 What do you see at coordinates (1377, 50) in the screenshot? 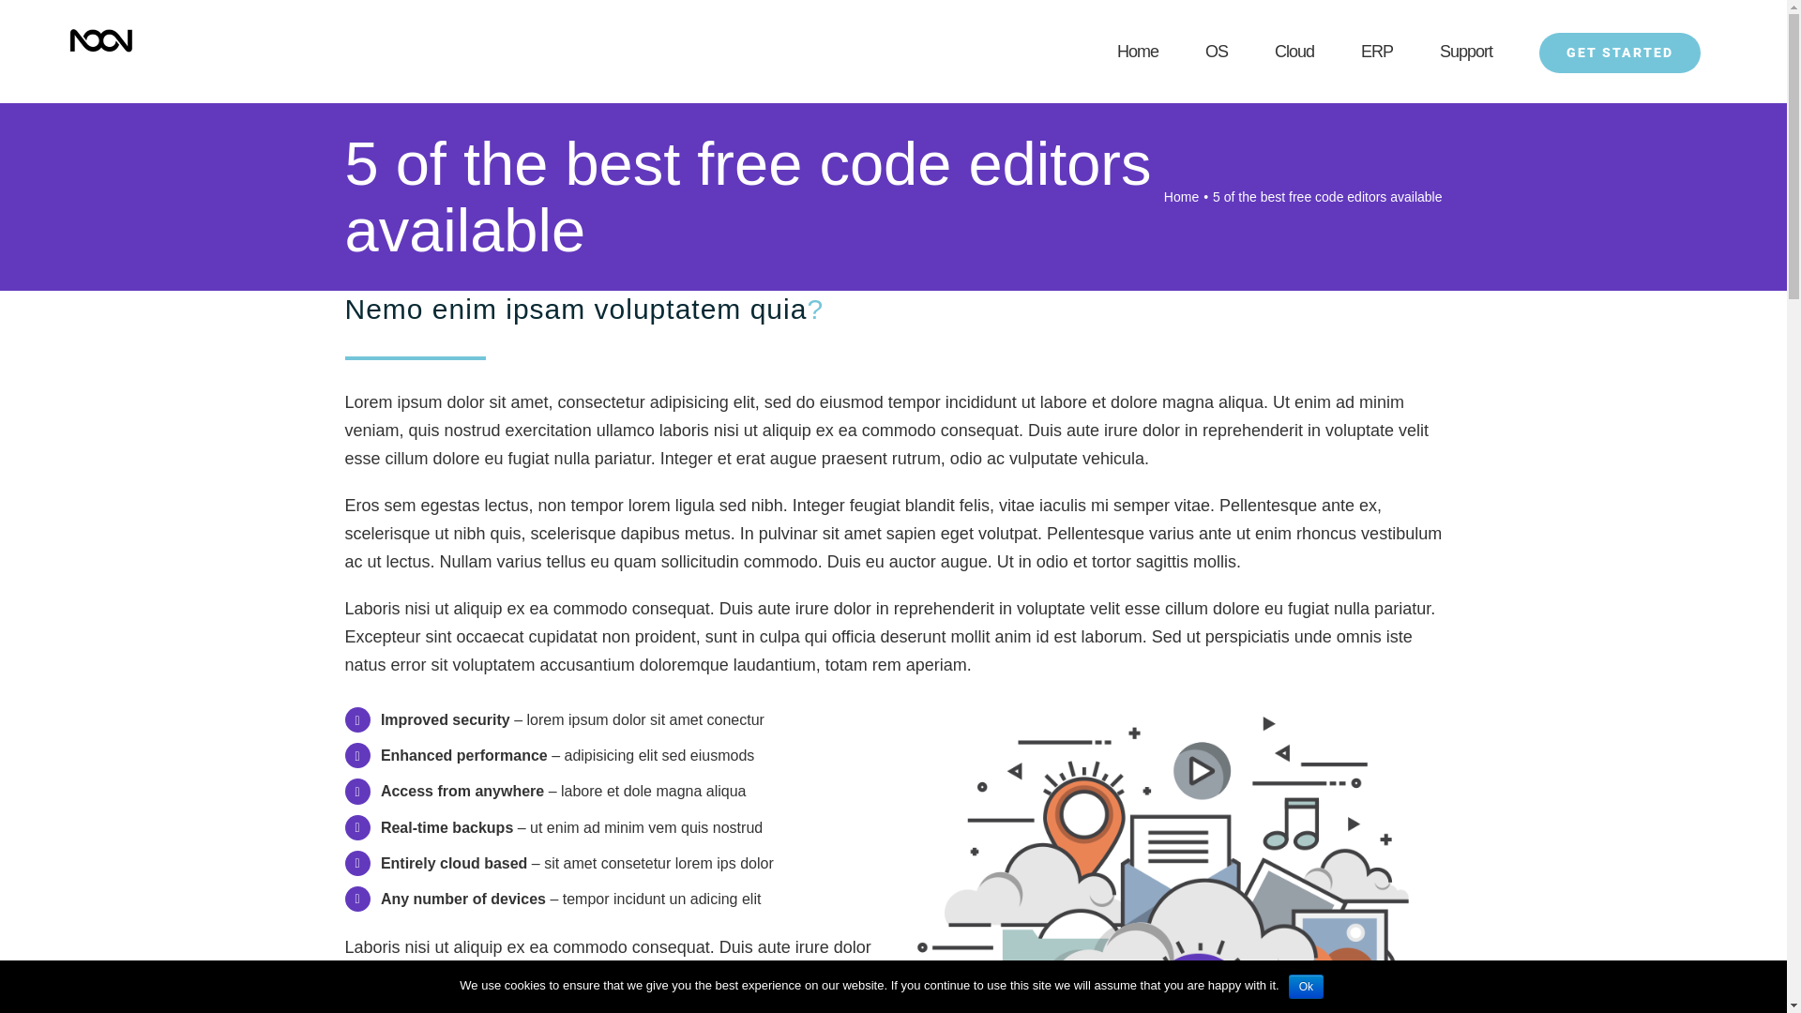
I see `'ERP'` at bounding box center [1377, 50].